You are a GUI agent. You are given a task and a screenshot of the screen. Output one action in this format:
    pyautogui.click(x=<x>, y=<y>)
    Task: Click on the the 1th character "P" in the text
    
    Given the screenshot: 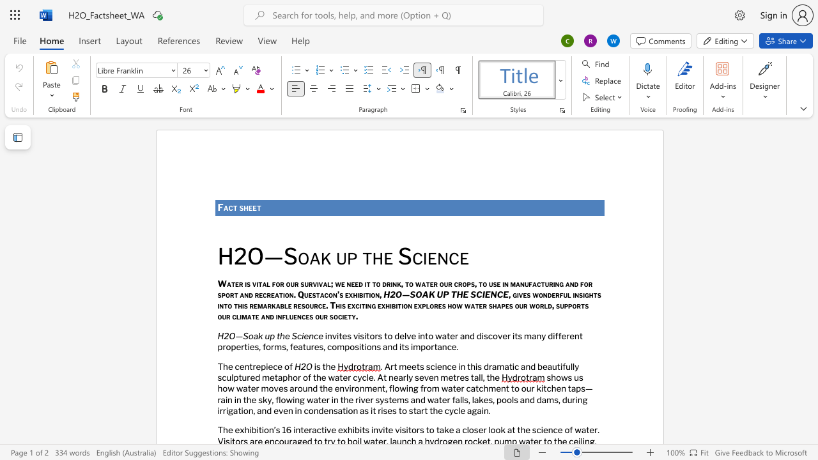 What is the action you would take?
    pyautogui.click(x=445, y=294)
    